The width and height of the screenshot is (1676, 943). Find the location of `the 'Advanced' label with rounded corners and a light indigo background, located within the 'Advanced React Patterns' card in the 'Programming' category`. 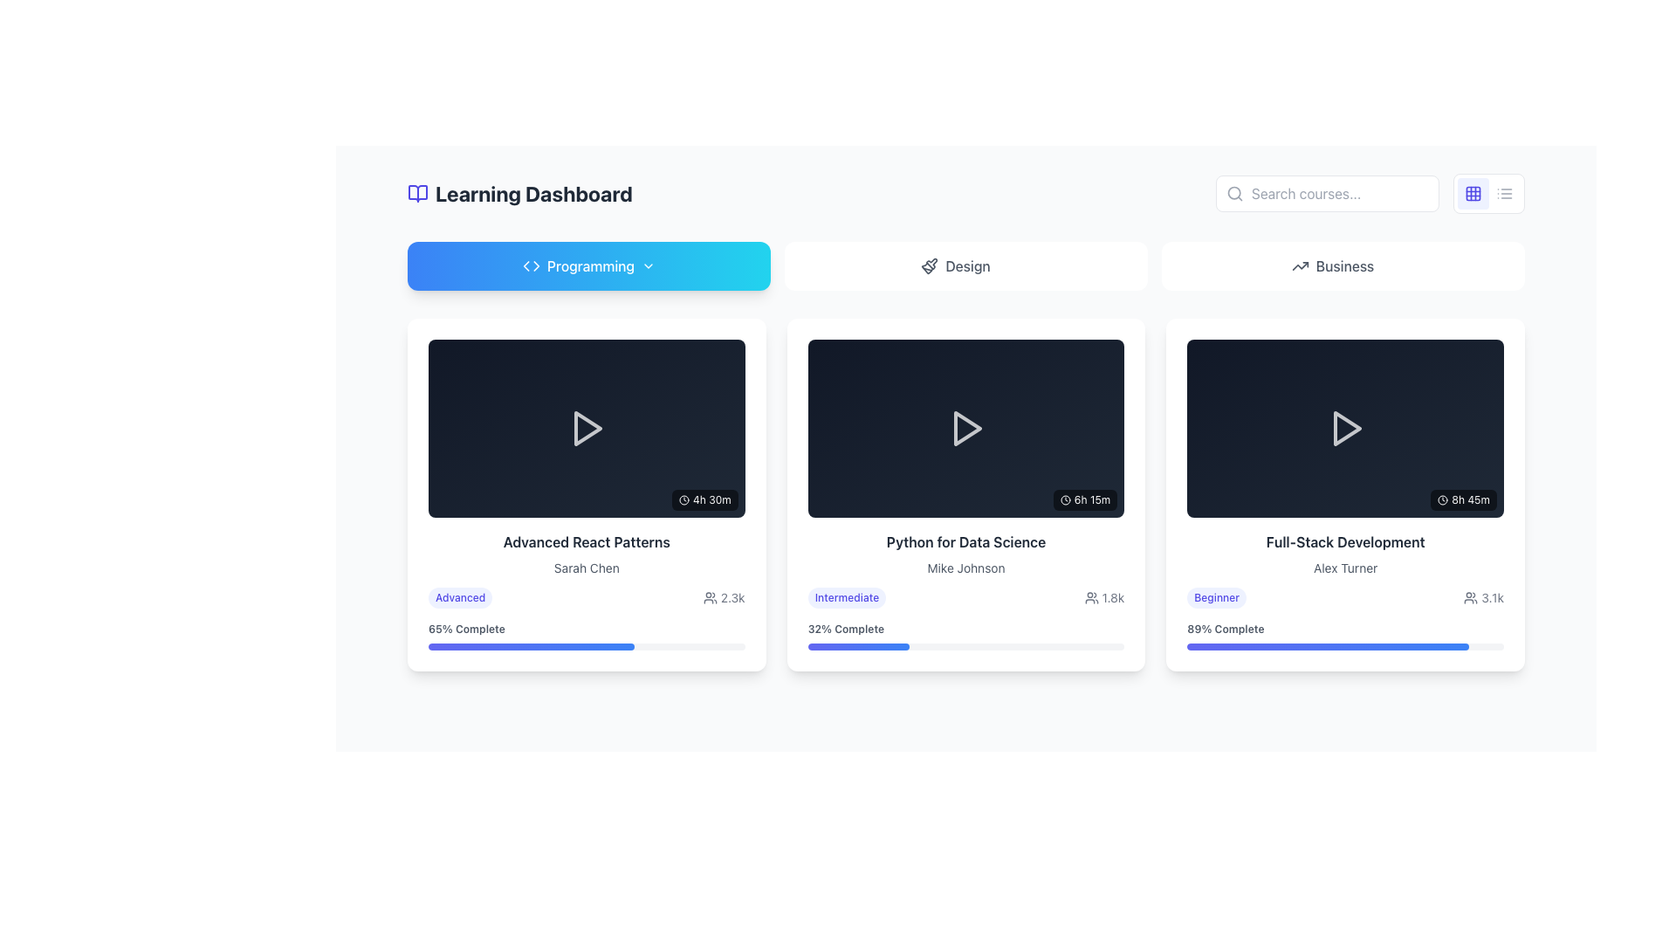

the 'Advanced' label with rounded corners and a light indigo background, located within the 'Advanced React Patterns' card in the 'Programming' category is located at coordinates (460, 596).